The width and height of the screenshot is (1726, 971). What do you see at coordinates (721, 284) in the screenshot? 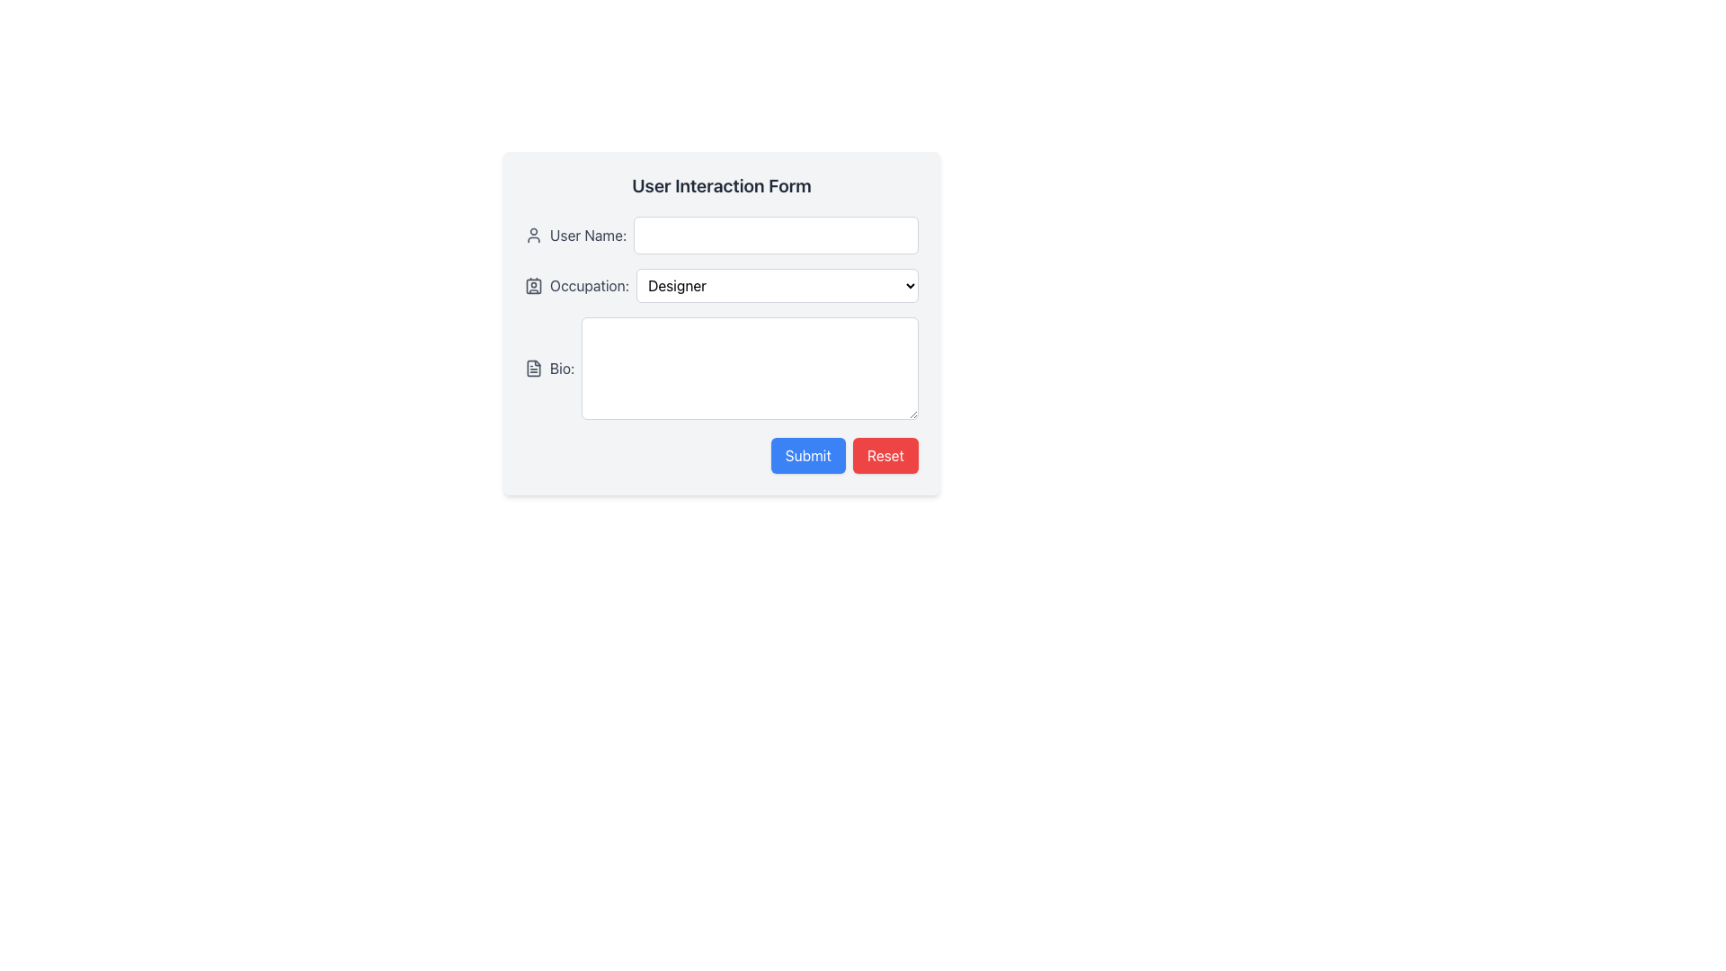
I see `the dropdown menu labeled 'Occupation:'` at bounding box center [721, 284].